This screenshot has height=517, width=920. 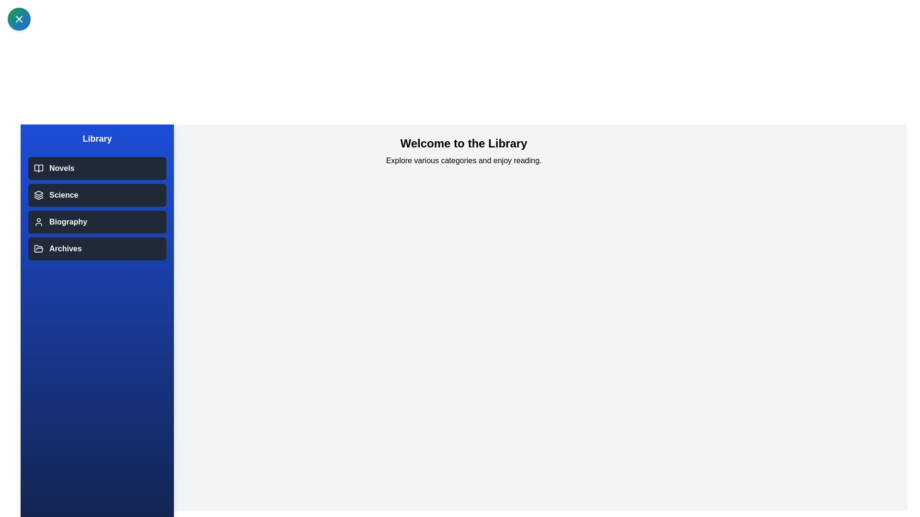 What do you see at coordinates (97, 248) in the screenshot?
I see `the category Archives in the drawer list` at bounding box center [97, 248].